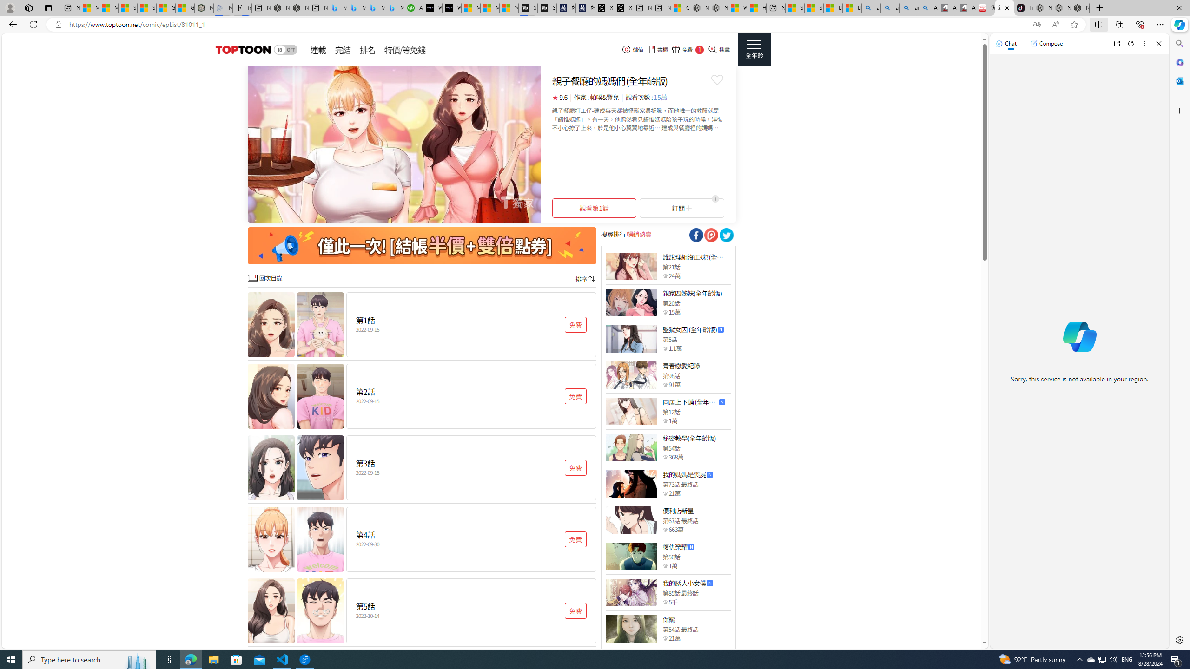 This screenshot has width=1190, height=669. I want to click on 'Outlook', so click(1178, 80).